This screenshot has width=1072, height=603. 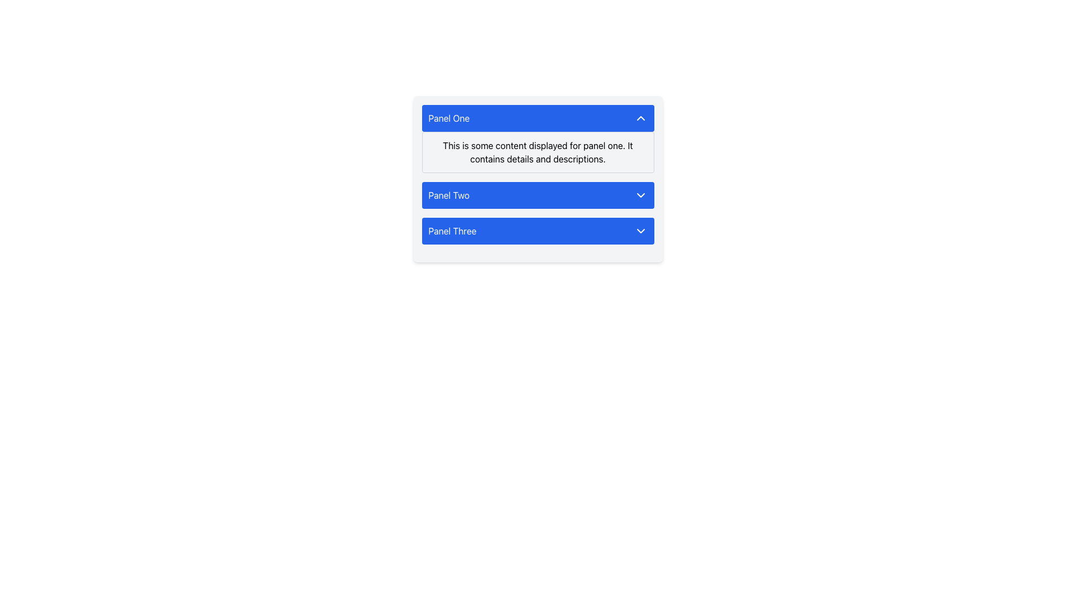 I want to click on the title text for the first panel in the accordion component, located on the left side of the panel's header, so click(x=449, y=118).